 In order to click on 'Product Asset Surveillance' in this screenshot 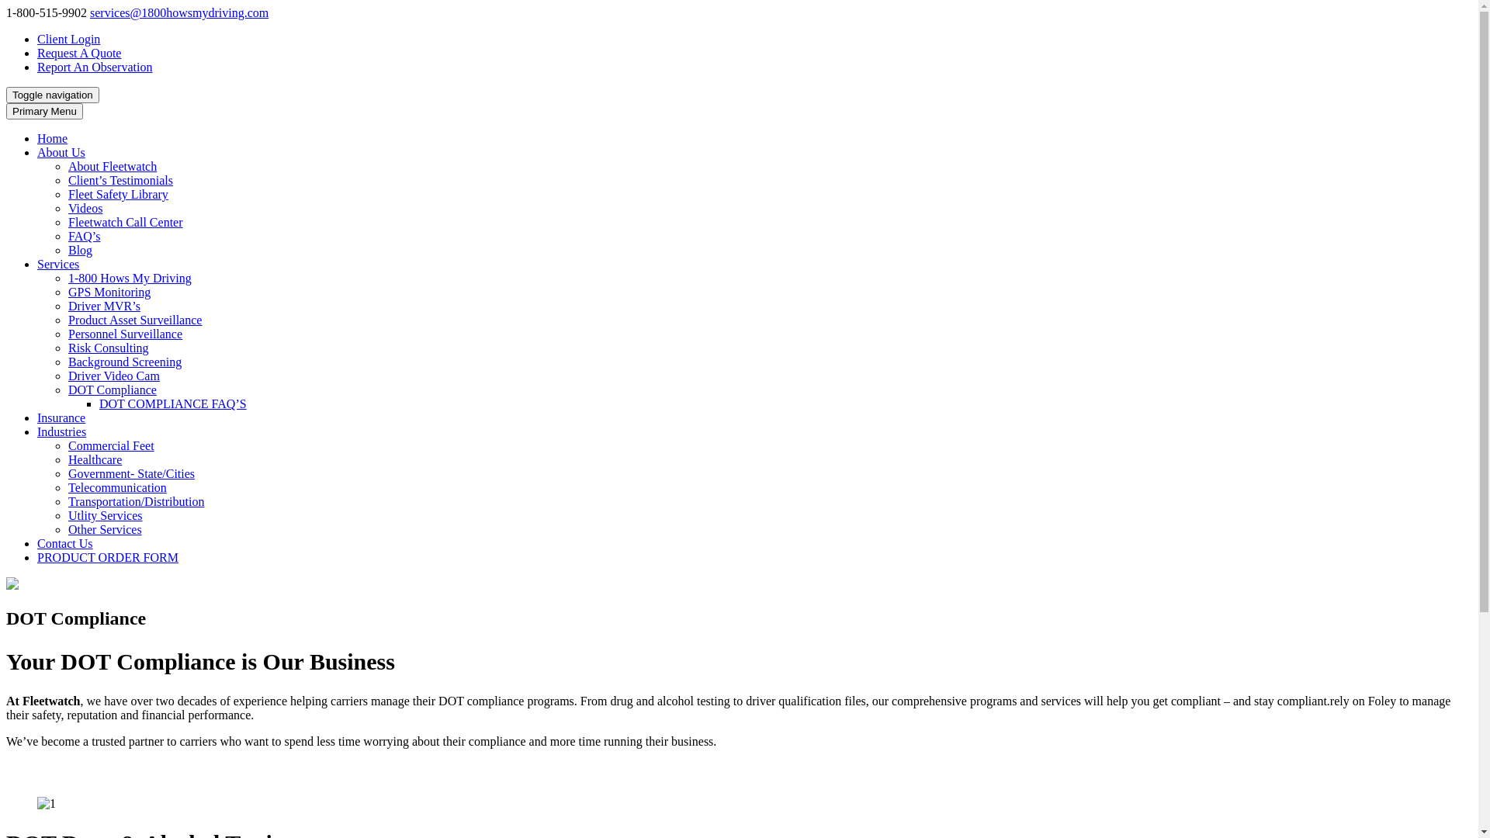, I will do `click(134, 319)`.